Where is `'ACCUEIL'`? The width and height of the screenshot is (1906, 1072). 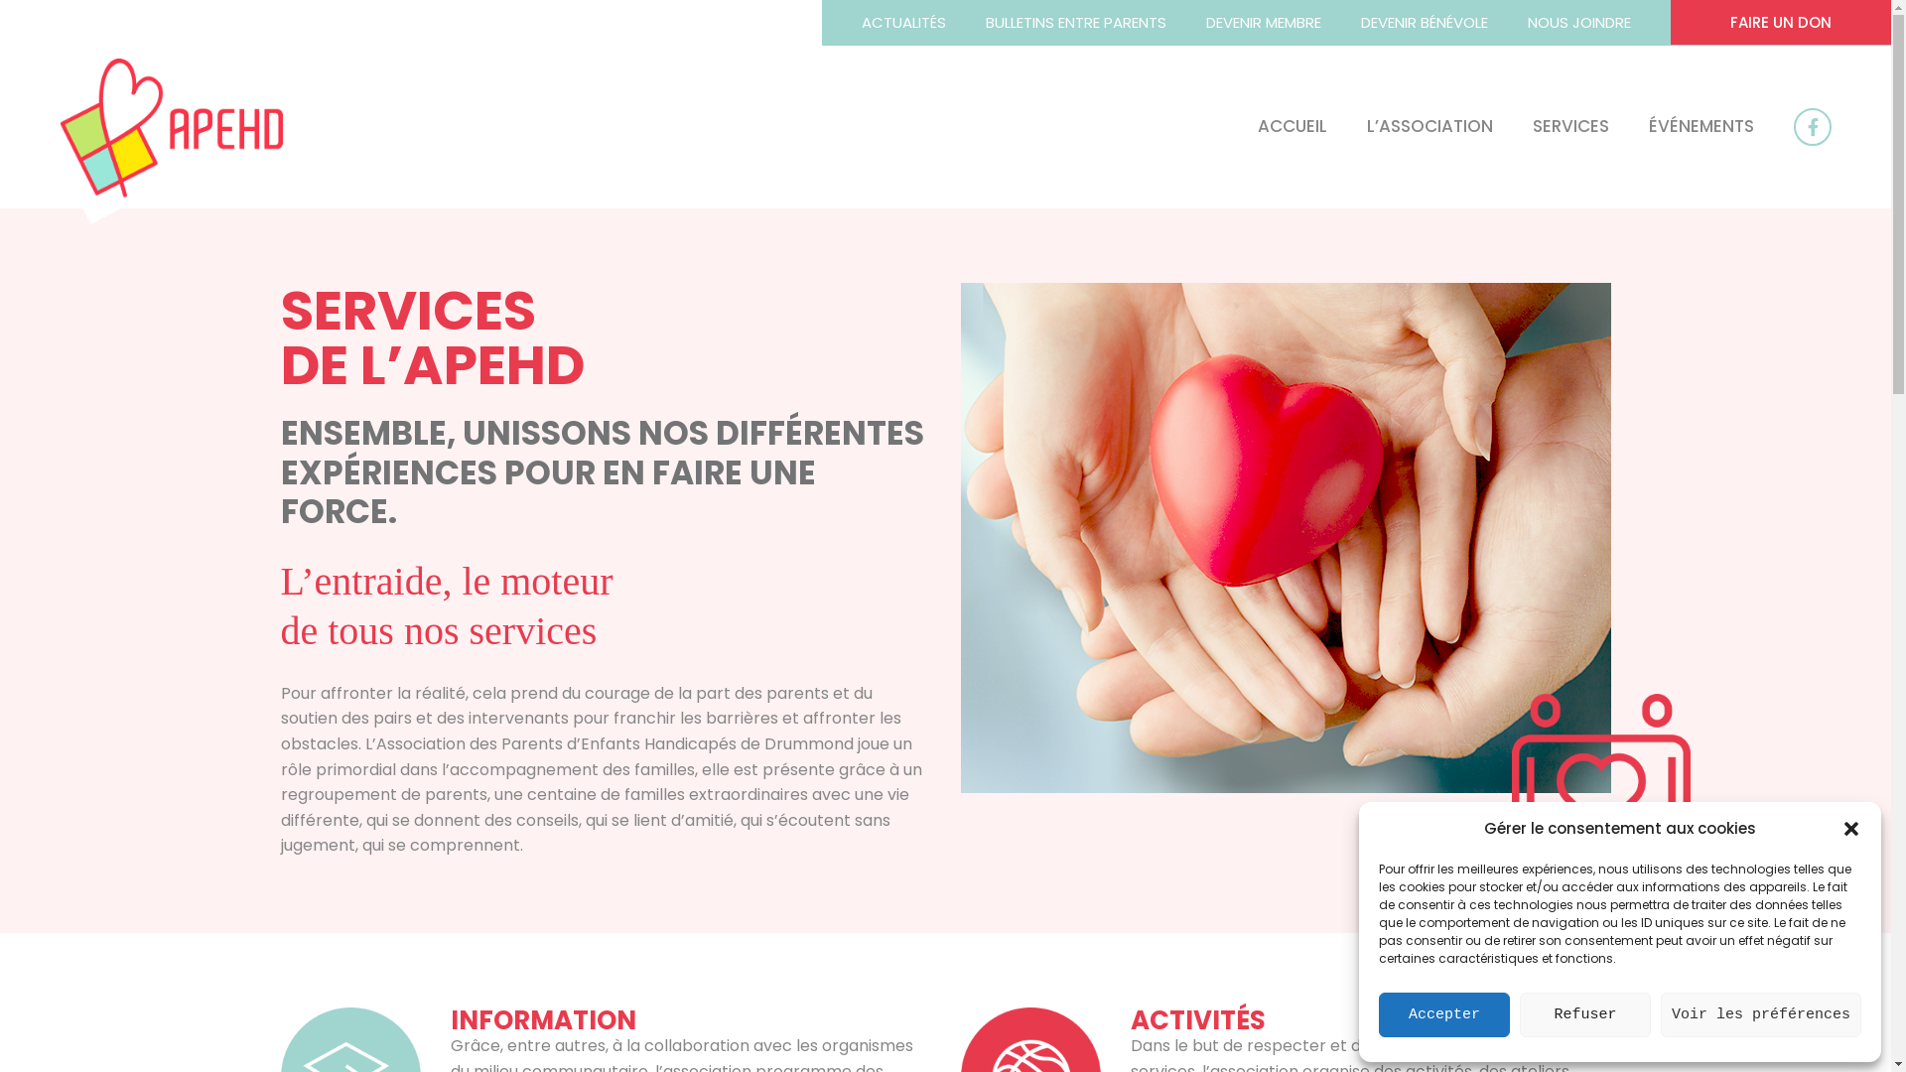 'ACCUEIL' is located at coordinates (1272, 126).